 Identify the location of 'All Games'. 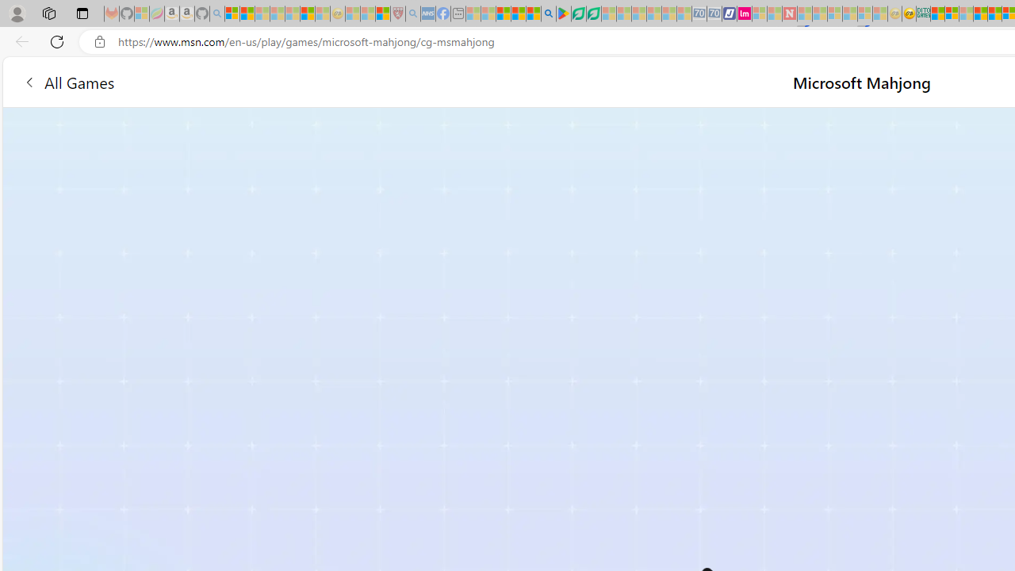
(67, 82).